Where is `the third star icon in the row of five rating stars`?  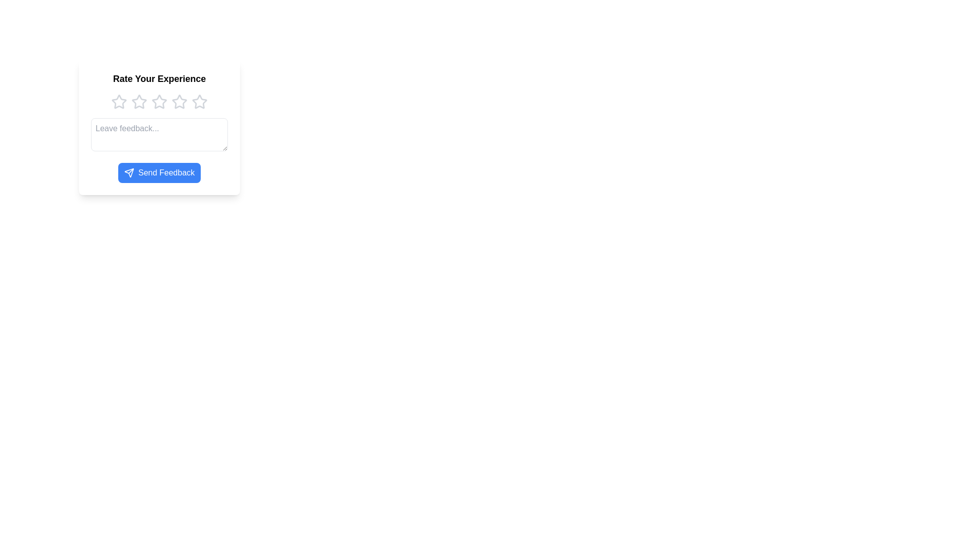
the third star icon in the row of five rating stars is located at coordinates (179, 102).